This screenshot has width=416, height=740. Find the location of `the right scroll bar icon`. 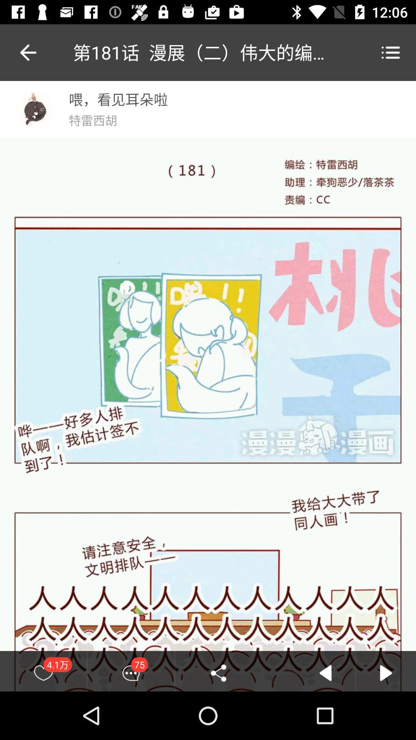

the right scroll bar icon is located at coordinates (386, 673).